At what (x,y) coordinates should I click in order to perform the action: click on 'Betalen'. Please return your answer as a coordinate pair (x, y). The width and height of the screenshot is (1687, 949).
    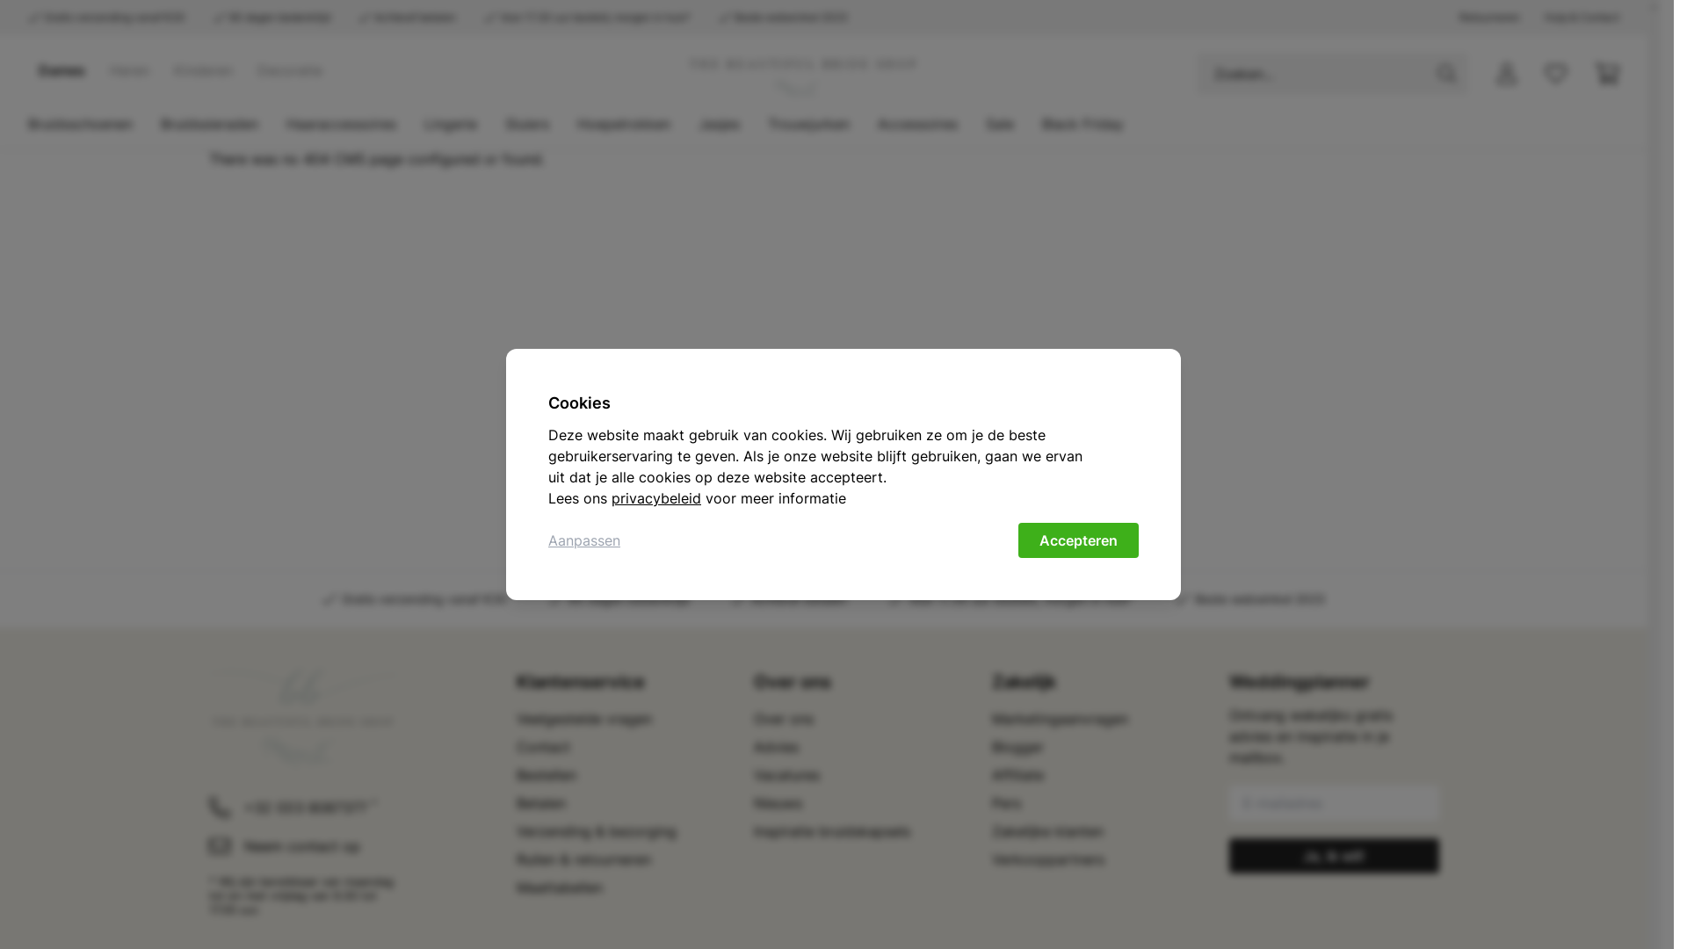
    Looking at the image, I should click on (539, 803).